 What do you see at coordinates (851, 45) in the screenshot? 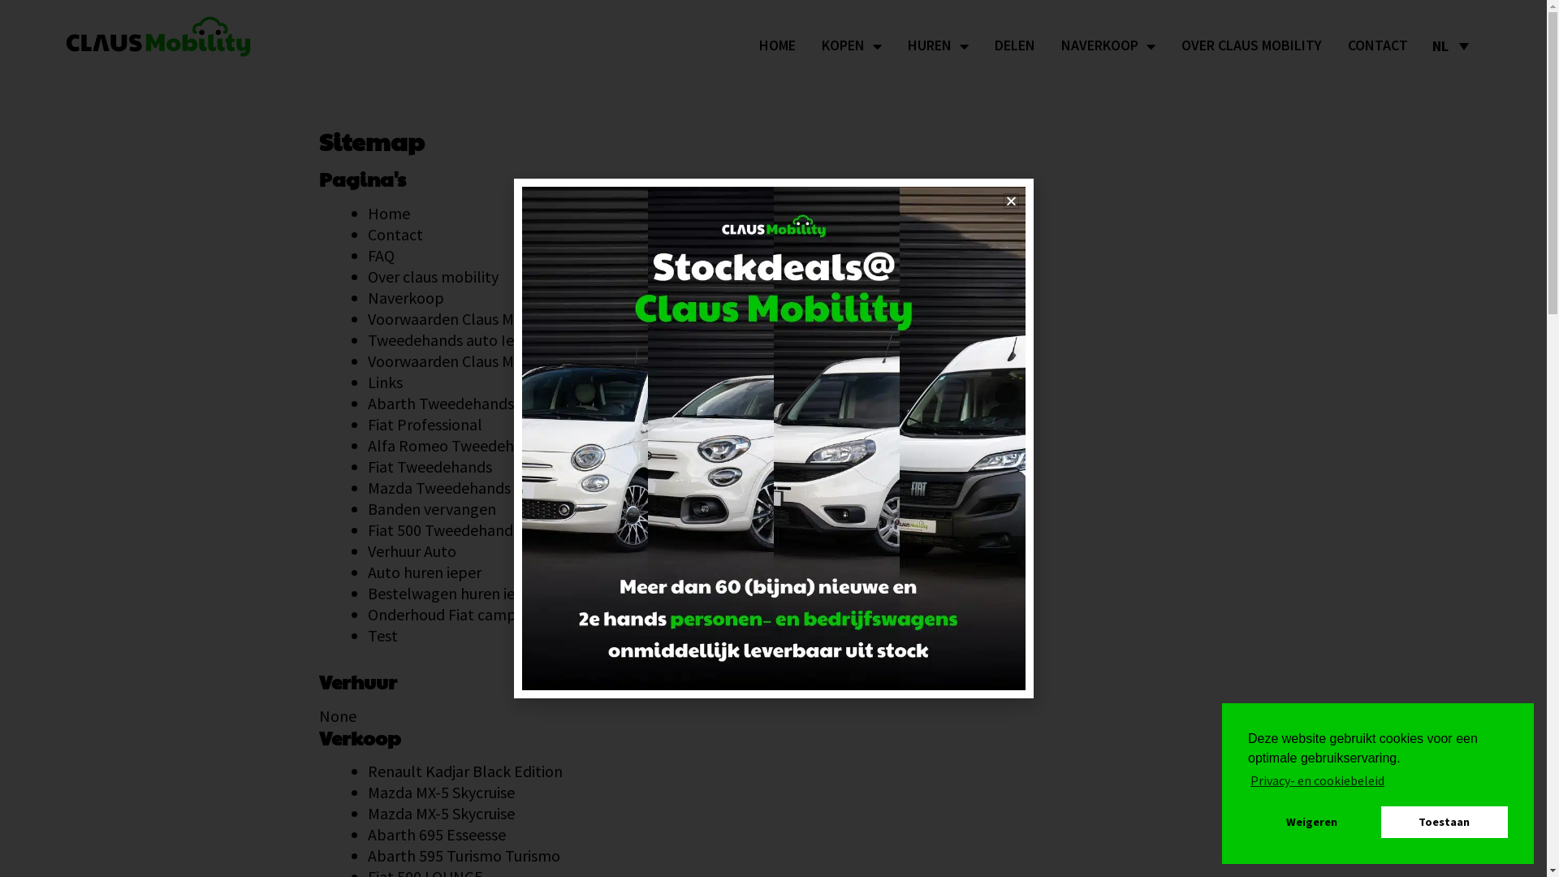
I see `'KOPEN'` at bounding box center [851, 45].